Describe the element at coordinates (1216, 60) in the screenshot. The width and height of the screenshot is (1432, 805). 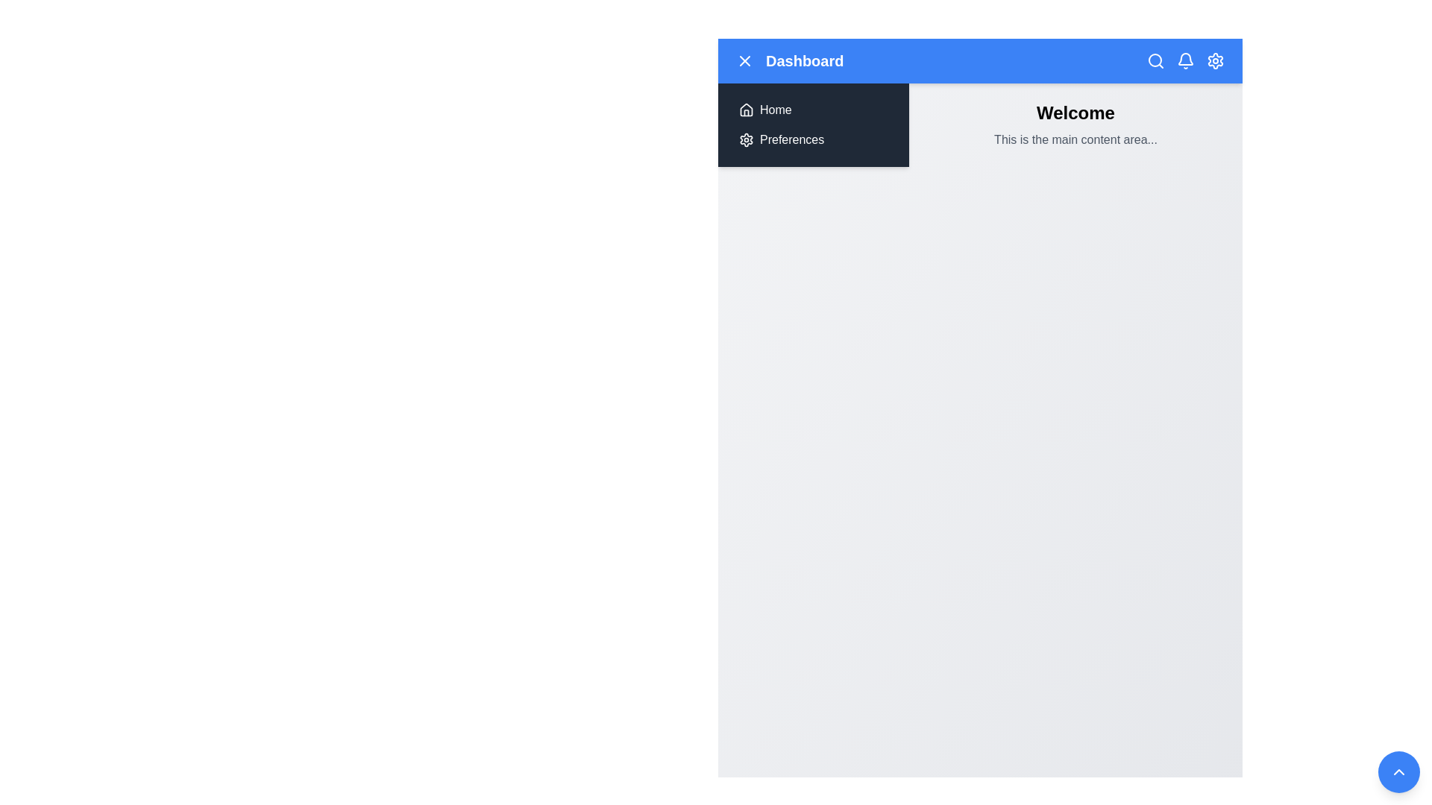
I see `the gear icon button in the blue navigation bar` at that location.